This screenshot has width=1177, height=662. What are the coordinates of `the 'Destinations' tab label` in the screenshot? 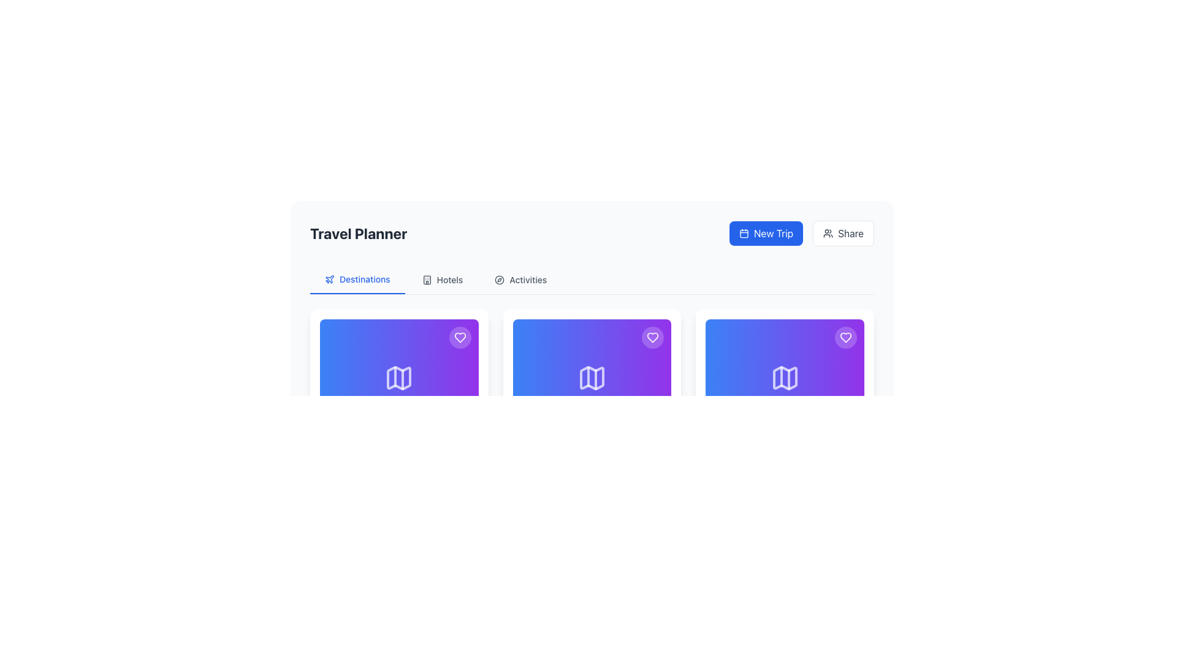 It's located at (364, 279).